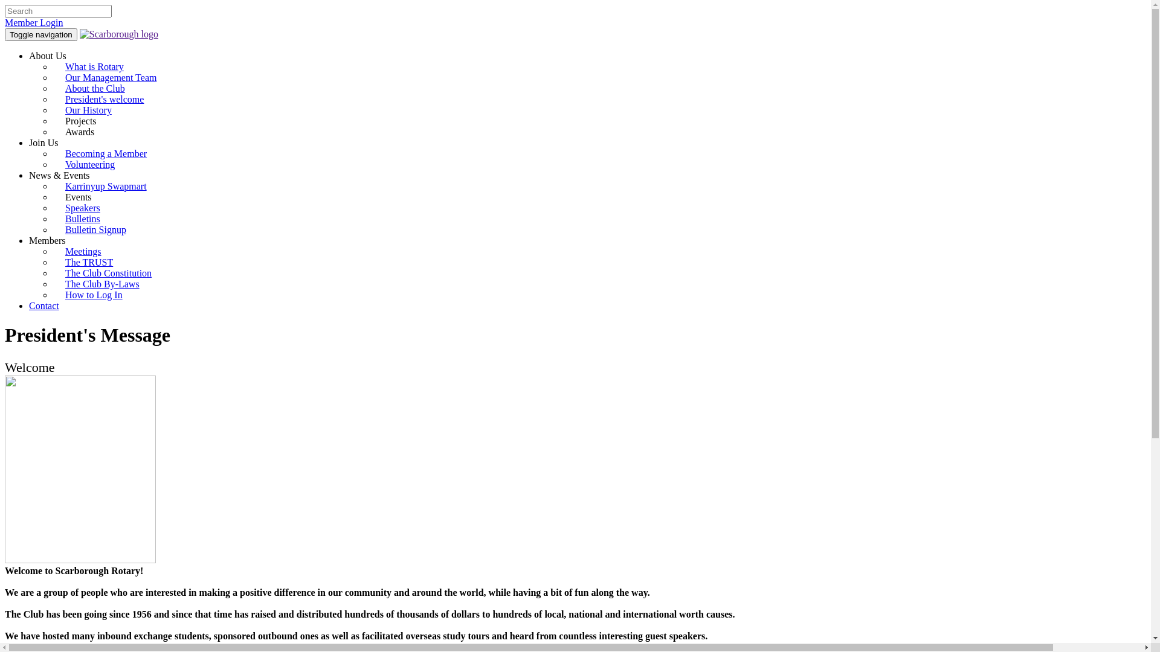 Image resolution: width=1160 pixels, height=652 pixels. Describe the element at coordinates (85, 121) in the screenshot. I see `'Projects'` at that location.